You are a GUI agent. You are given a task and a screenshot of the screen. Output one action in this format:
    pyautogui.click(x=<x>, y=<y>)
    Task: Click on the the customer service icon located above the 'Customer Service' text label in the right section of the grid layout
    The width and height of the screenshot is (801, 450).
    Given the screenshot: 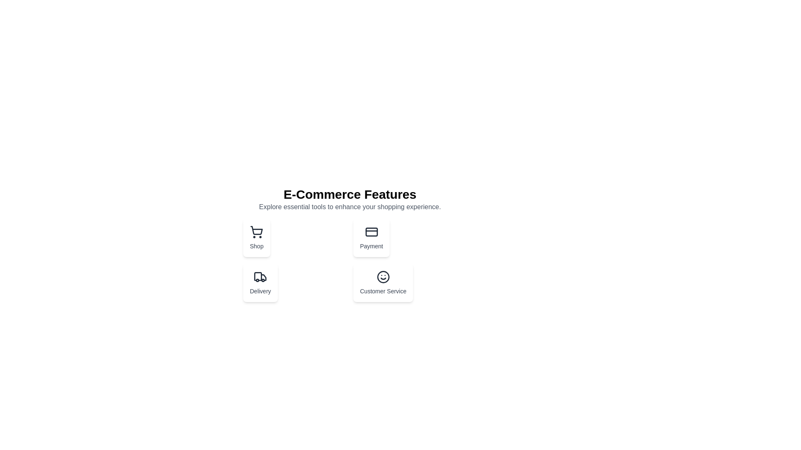 What is the action you would take?
    pyautogui.click(x=383, y=277)
    